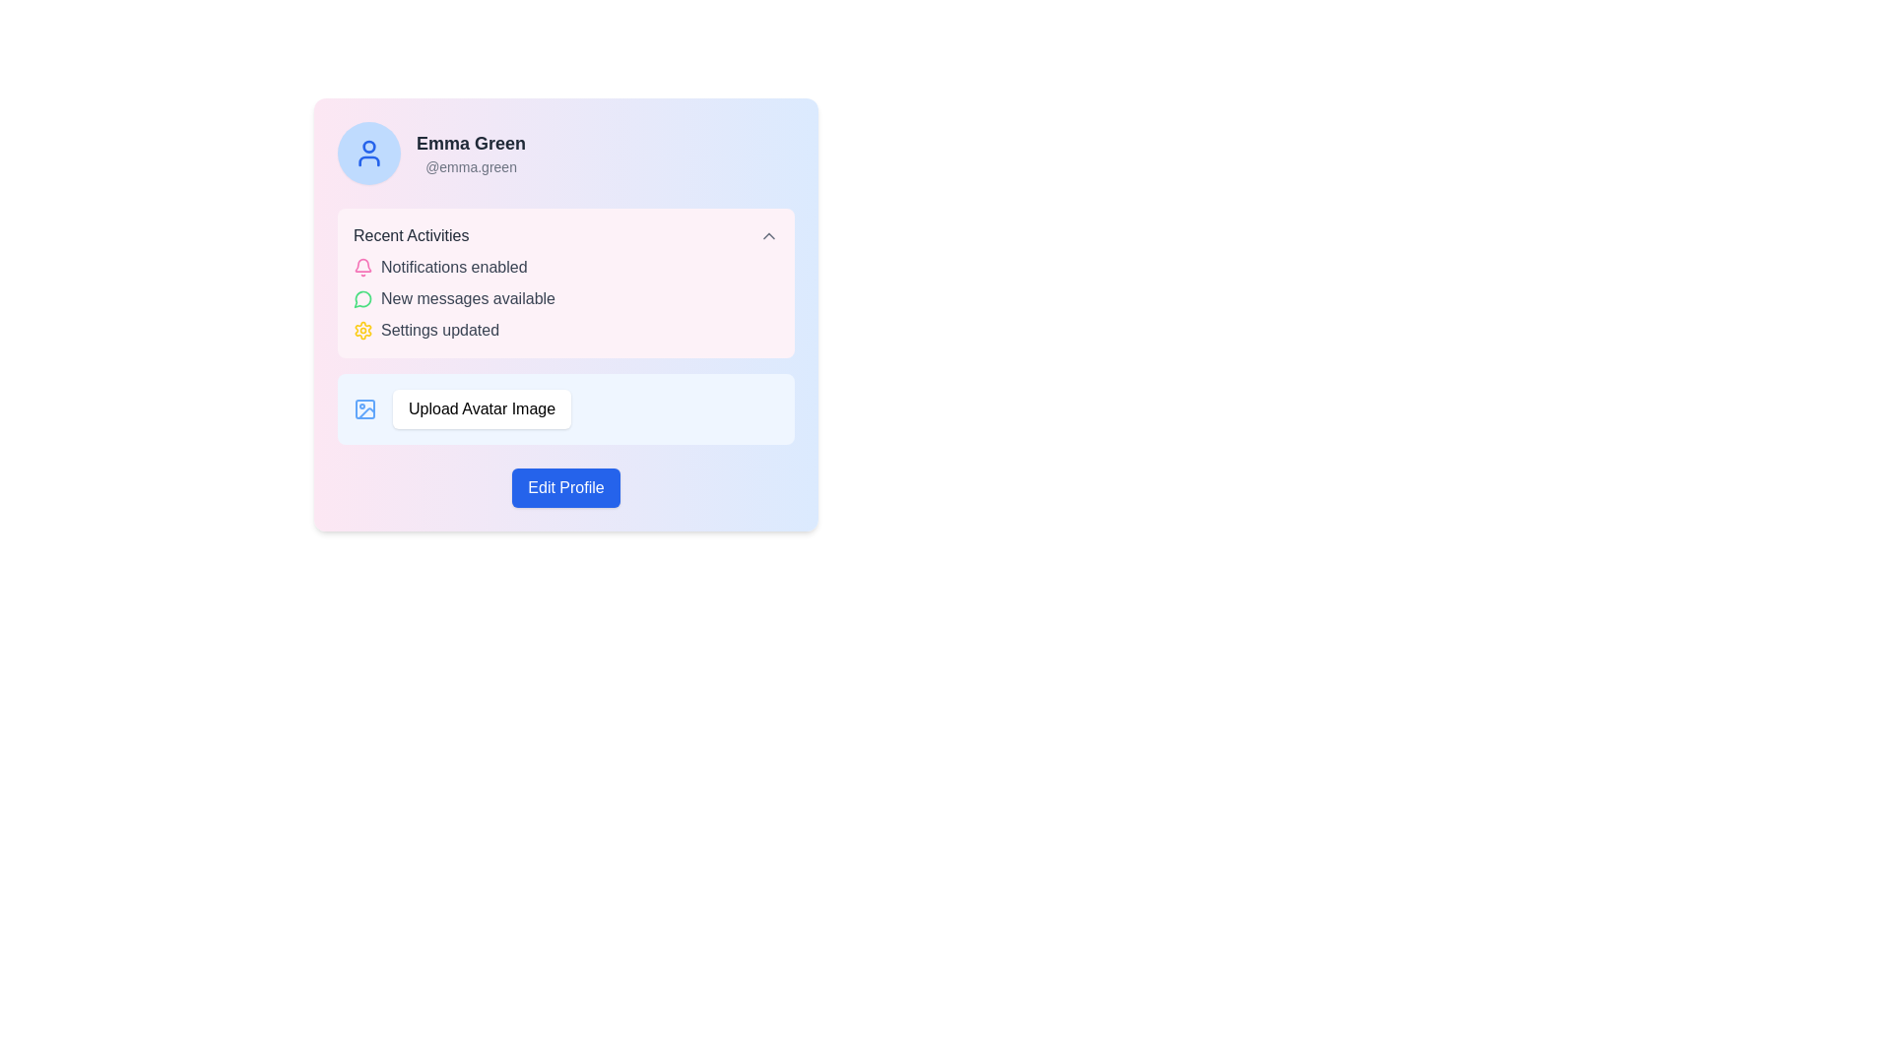  What do you see at coordinates (565, 325) in the screenshot?
I see `activity details from the Information display block located centrally within the card, below the user information section and above the 'Upload Avatar Image' option` at bounding box center [565, 325].